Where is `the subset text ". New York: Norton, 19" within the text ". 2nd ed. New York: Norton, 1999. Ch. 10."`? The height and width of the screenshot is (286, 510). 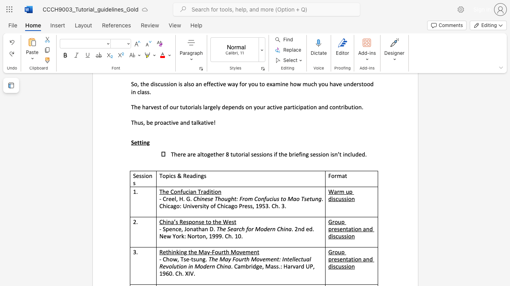
the subset text ". New York: Norton, 19" within the text ". 2nd ed. New York: Norton, 1999. Ch. 10." is located at coordinates (312, 229).